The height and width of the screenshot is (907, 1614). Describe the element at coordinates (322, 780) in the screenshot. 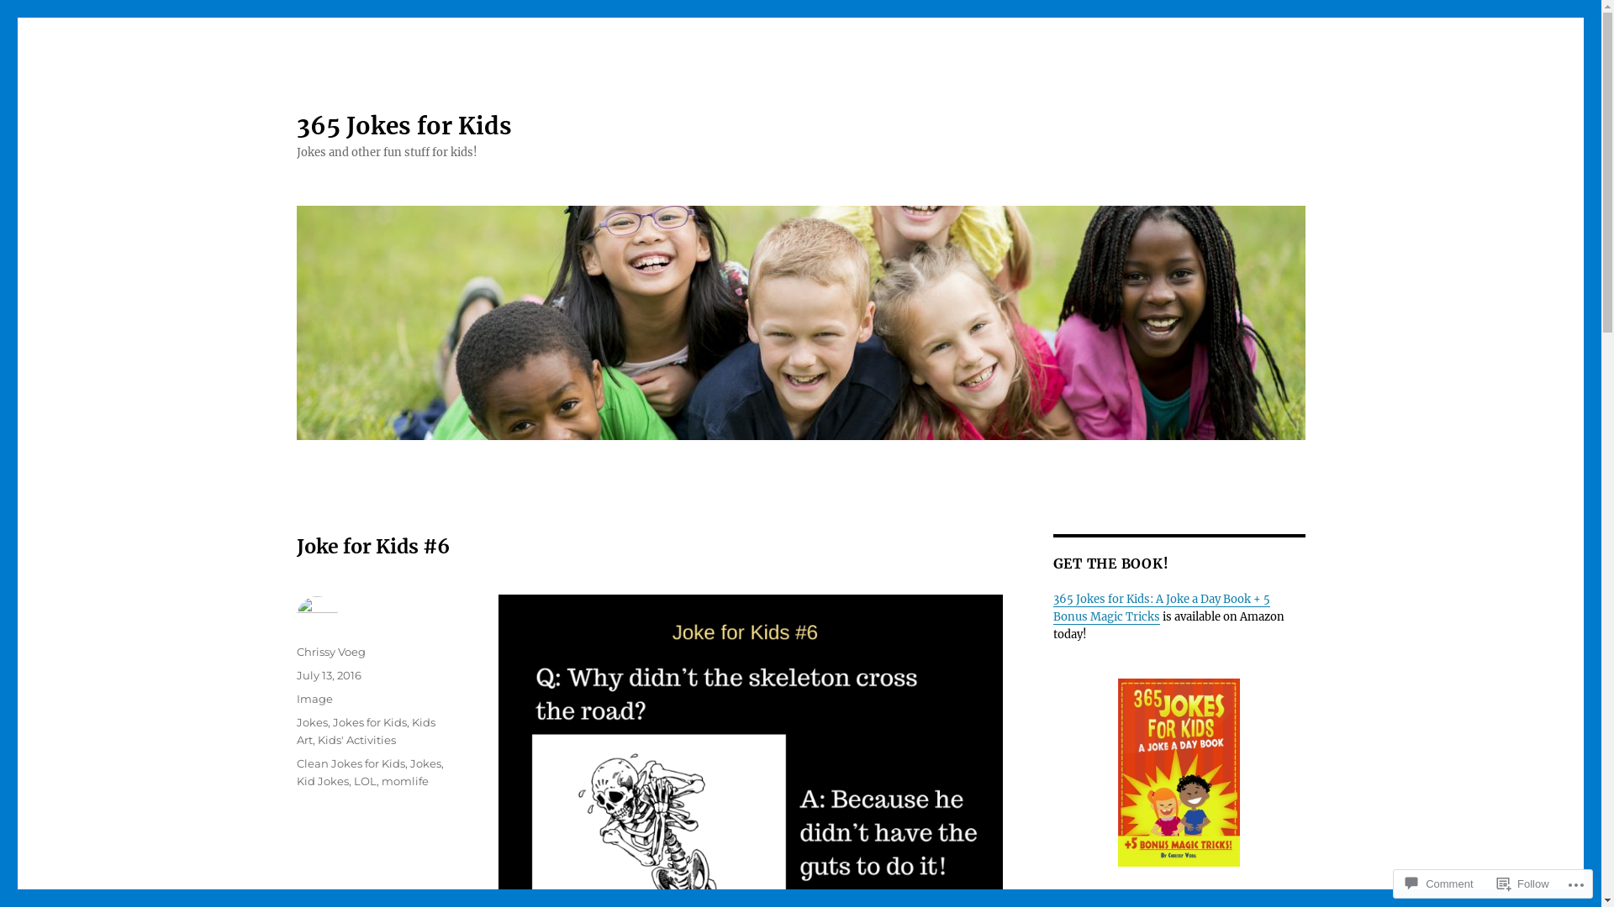

I see `'Kid Jokes'` at that location.